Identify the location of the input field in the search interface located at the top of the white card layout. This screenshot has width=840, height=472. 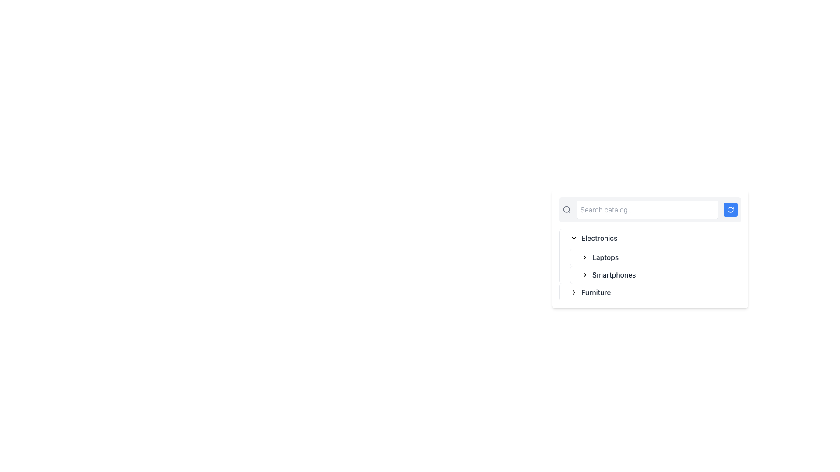
(650, 209).